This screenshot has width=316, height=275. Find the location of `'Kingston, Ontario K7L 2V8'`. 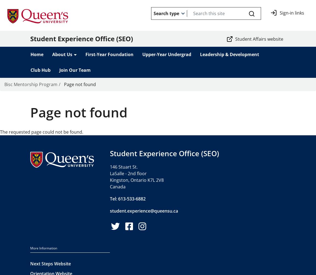

'Kingston, Ontario K7L 2V8' is located at coordinates (110, 180).